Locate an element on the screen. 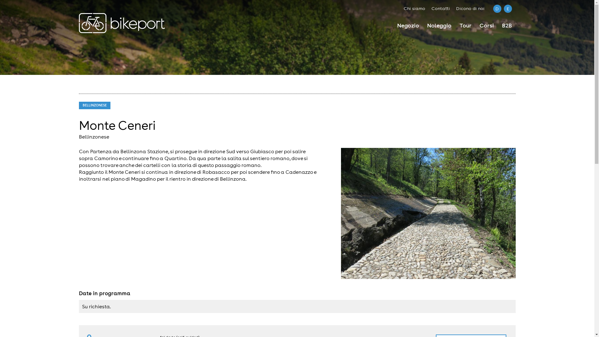 Image resolution: width=599 pixels, height=337 pixels. 'E' is located at coordinates (508, 8).